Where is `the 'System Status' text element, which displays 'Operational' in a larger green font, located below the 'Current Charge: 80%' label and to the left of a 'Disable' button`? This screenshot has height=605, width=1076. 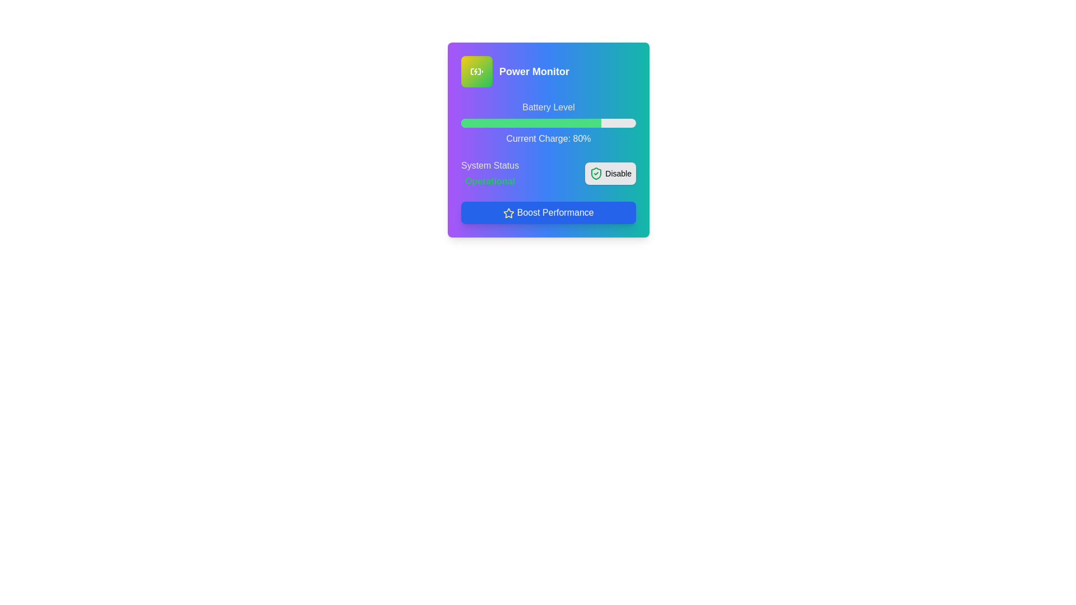
the 'System Status' text element, which displays 'Operational' in a larger green font, located below the 'Current Charge: 80%' label and to the left of a 'Disable' button is located at coordinates (490, 173).